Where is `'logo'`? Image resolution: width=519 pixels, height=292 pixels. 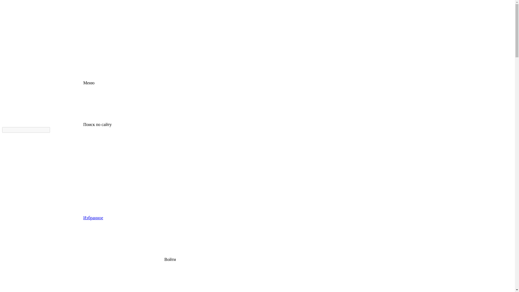 'logo' is located at coordinates (2, 41).